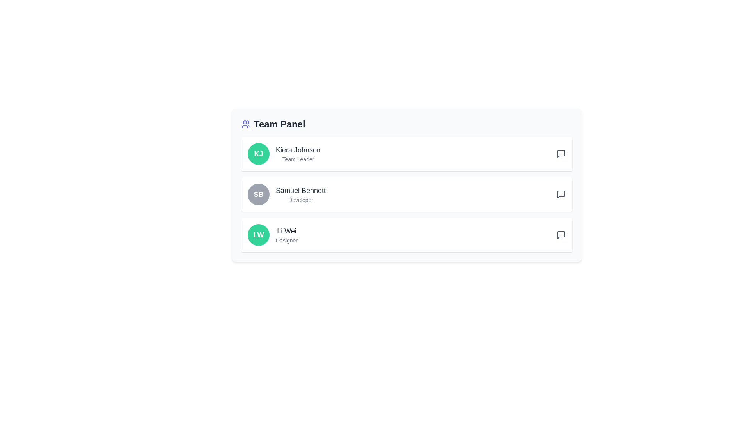 The width and height of the screenshot is (749, 421). What do you see at coordinates (245, 124) in the screenshot?
I see `the indigo outline SVG icon depicting two figures` at bounding box center [245, 124].